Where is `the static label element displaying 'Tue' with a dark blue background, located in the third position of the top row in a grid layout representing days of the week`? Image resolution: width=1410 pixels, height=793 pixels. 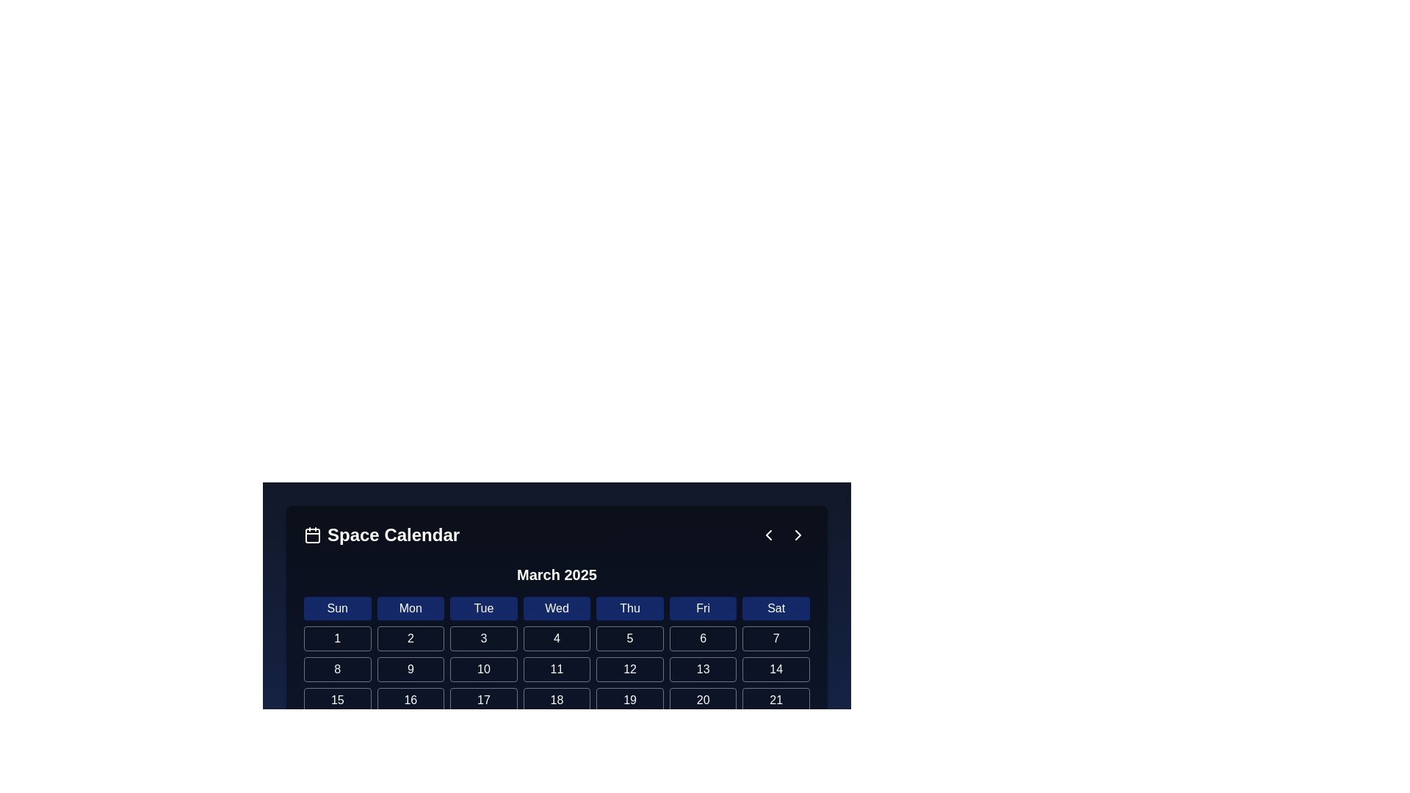
the static label element displaying 'Tue' with a dark blue background, located in the third position of the top row in a grid layout representing days of the week is located at coordinates (483, 609).